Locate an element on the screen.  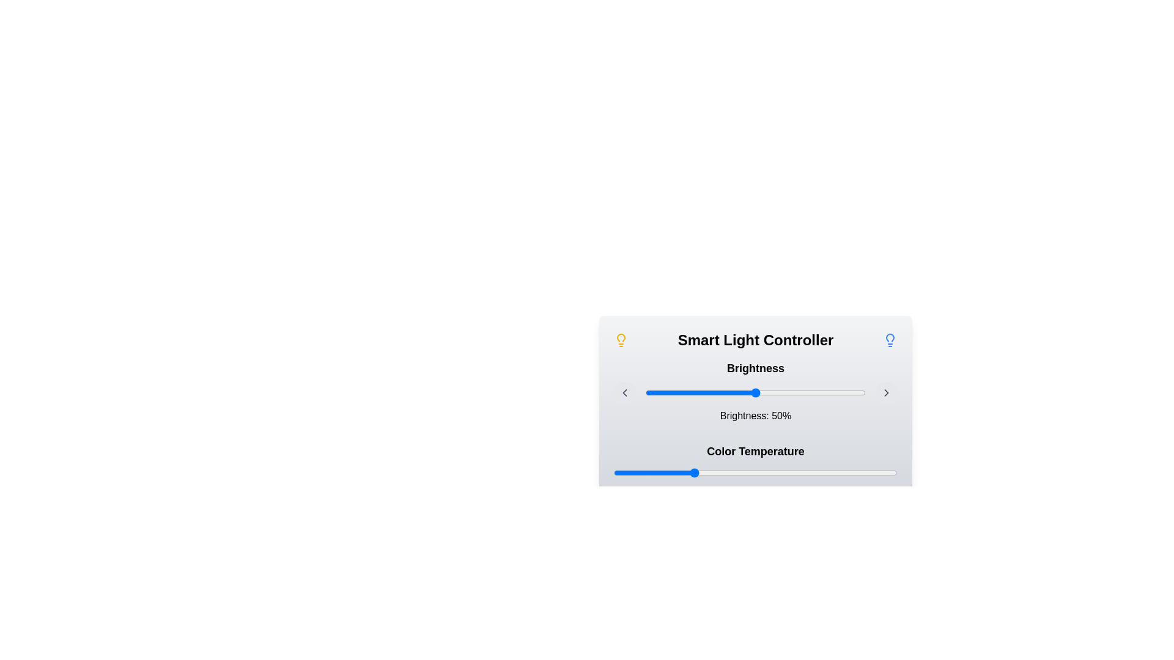
the Interactive Panel titled 'Smart Light Controller' which features a light gradient background, rounded corners, and contains sections for 'Brightness' and 'Color Temperature' is located at coordinates (755, 414).